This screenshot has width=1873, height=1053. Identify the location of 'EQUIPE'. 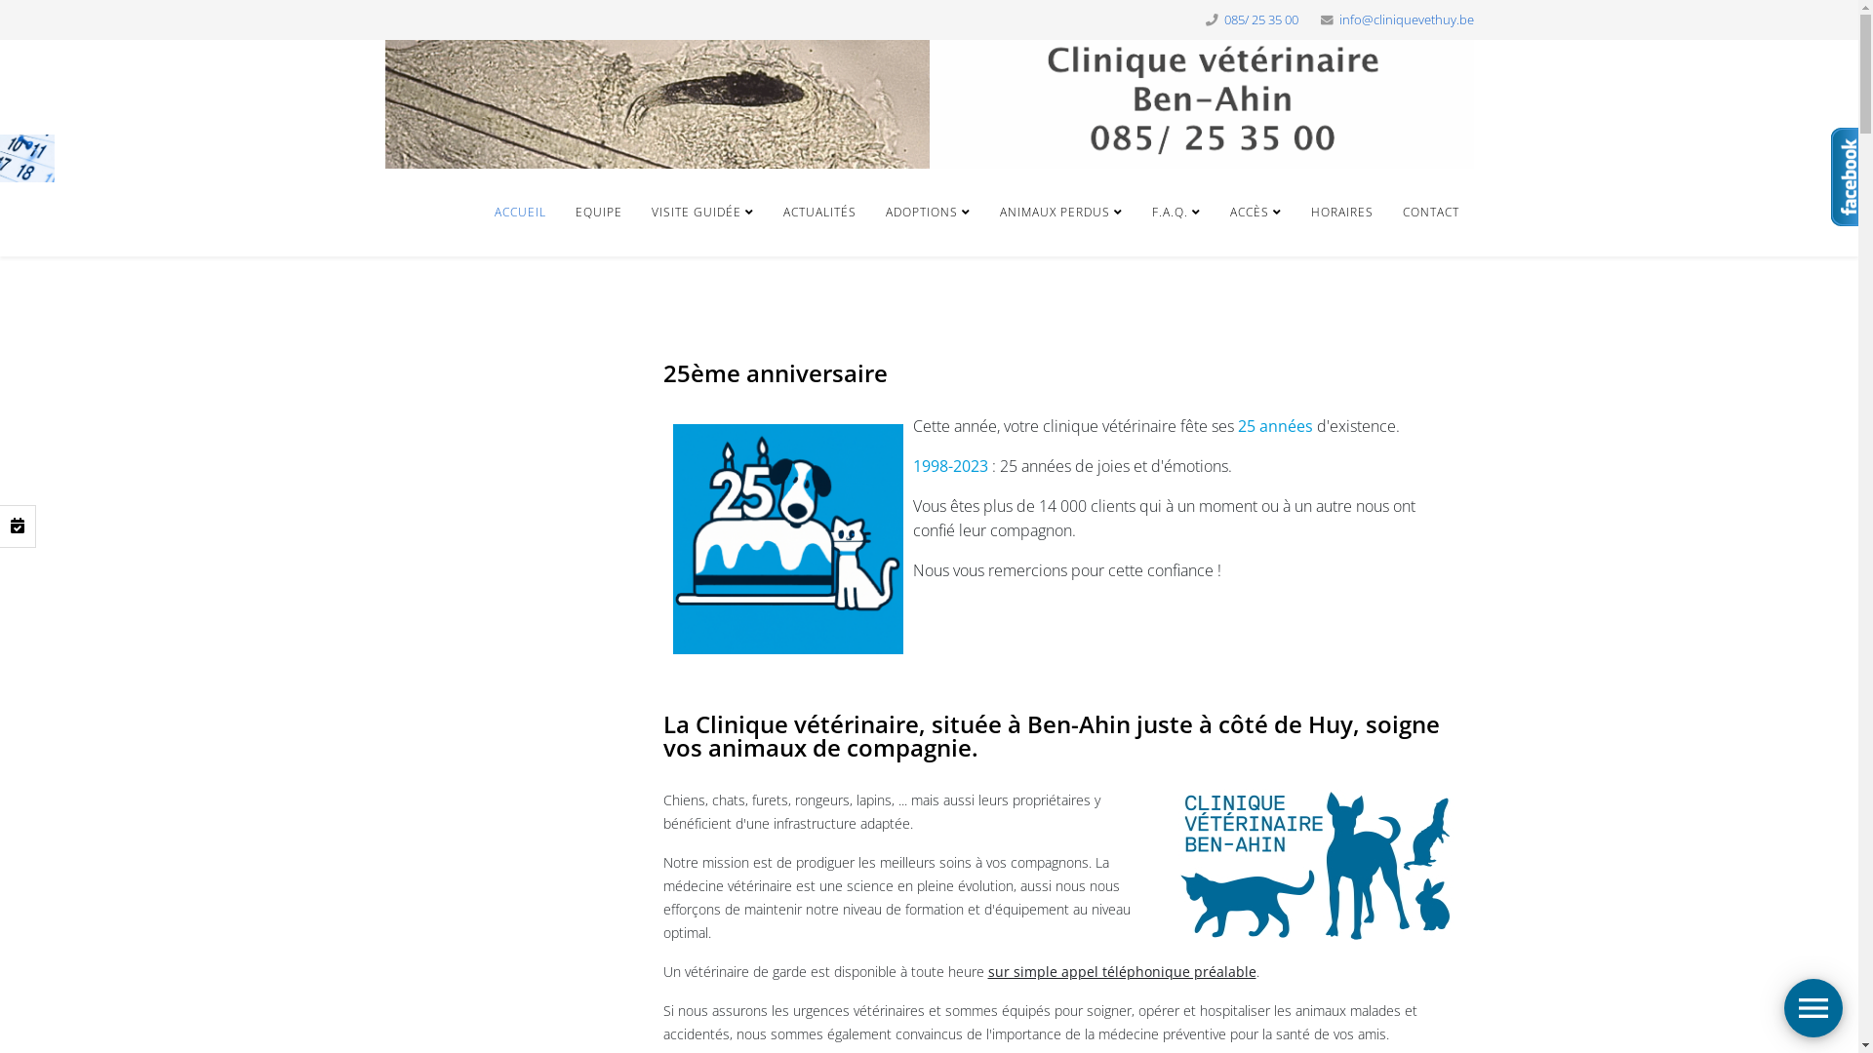
(597, 213).